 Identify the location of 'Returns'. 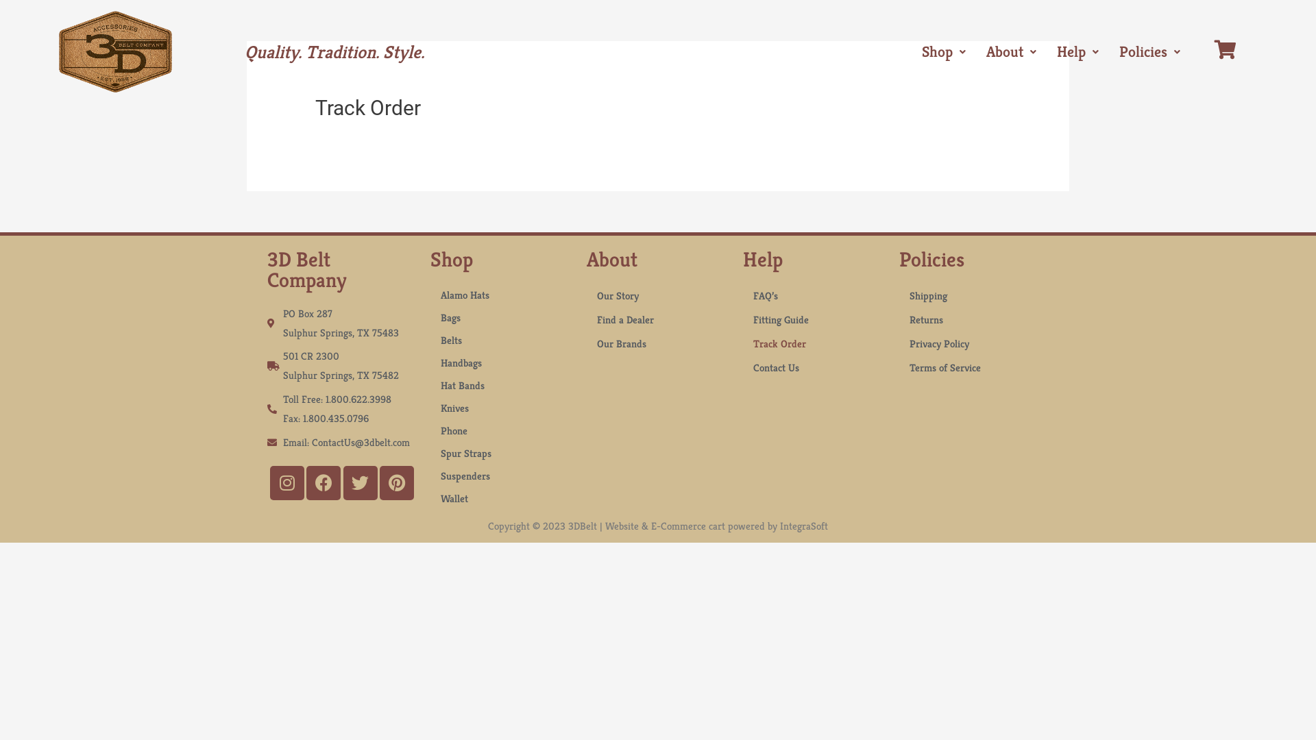
(970, 319).